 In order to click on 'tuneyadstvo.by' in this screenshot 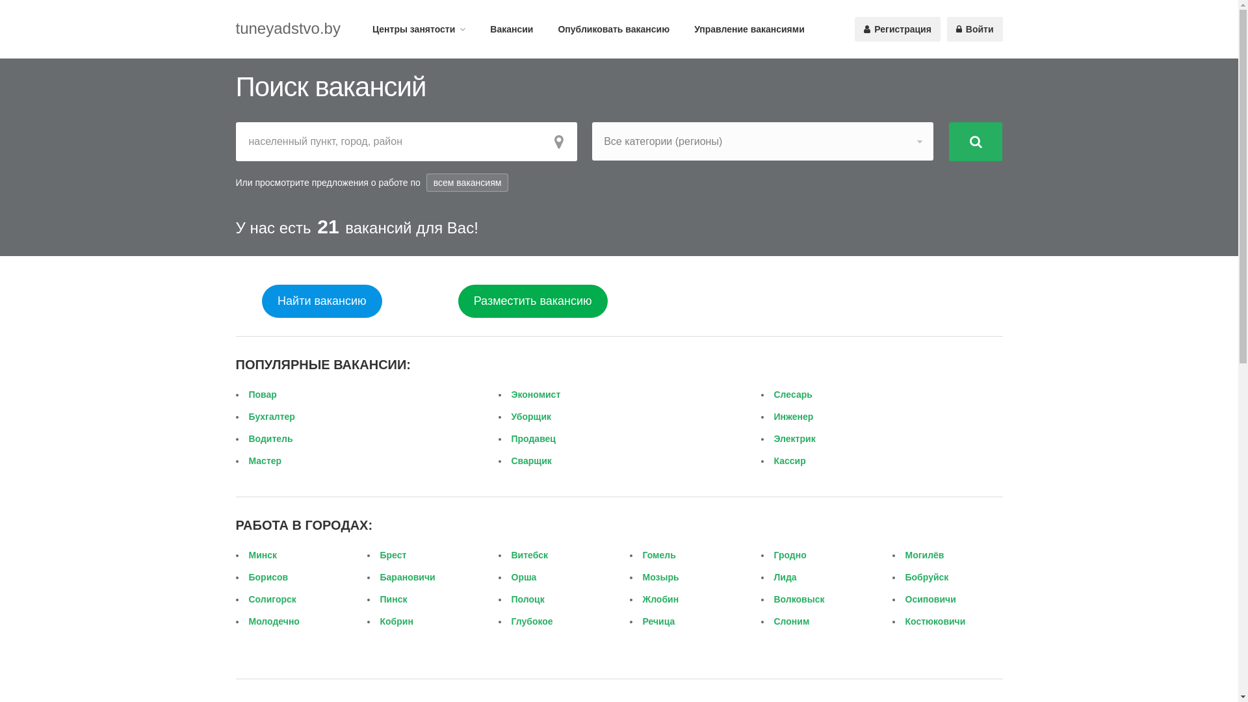, I will do `click(287, 28)`.